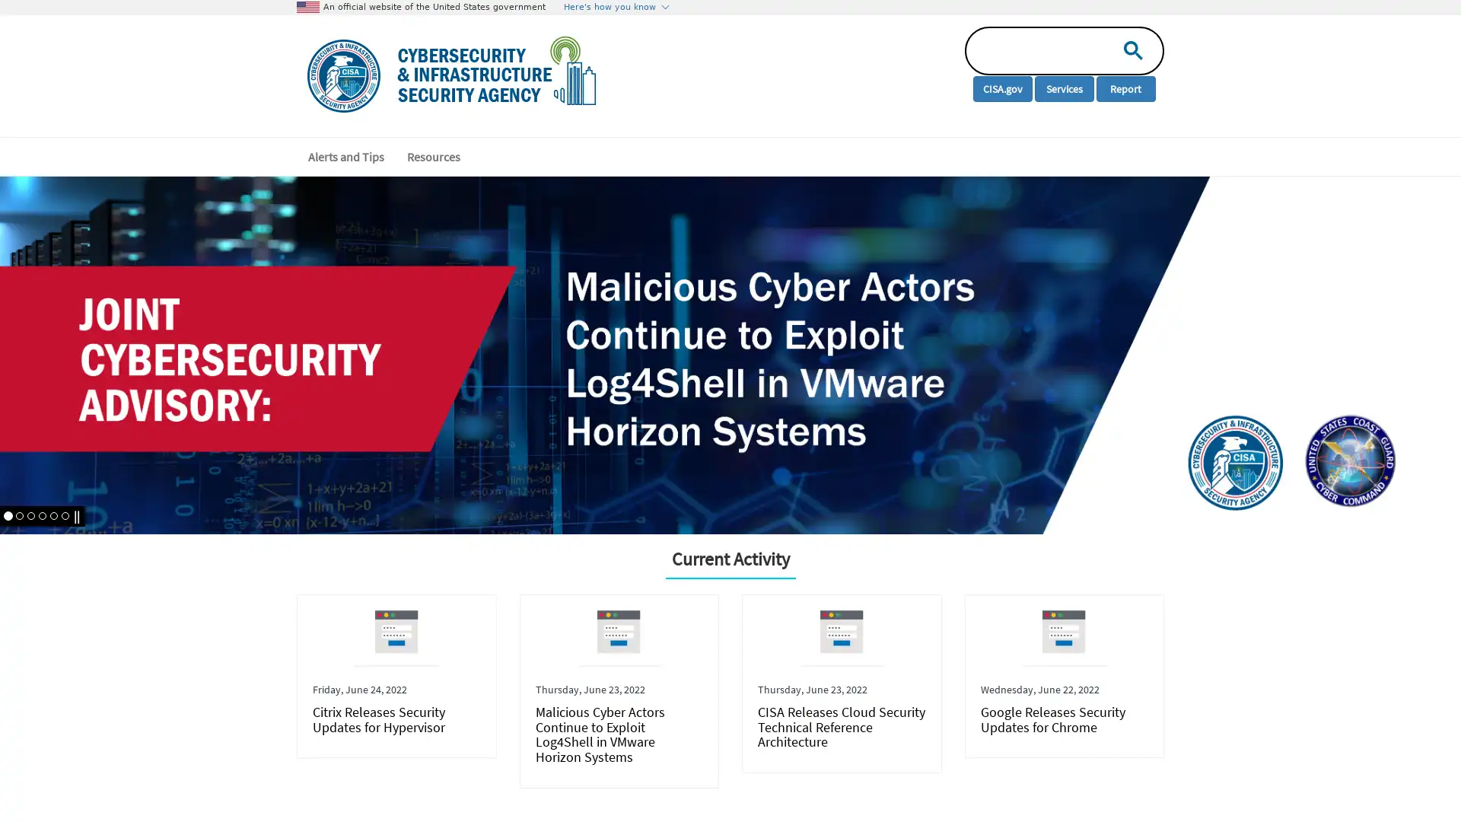 Image resolution: width=1461 pixels, height=822 pixels. Describe the element at coordinates (1129, 49) in the screenshot. I see `search` at that location.